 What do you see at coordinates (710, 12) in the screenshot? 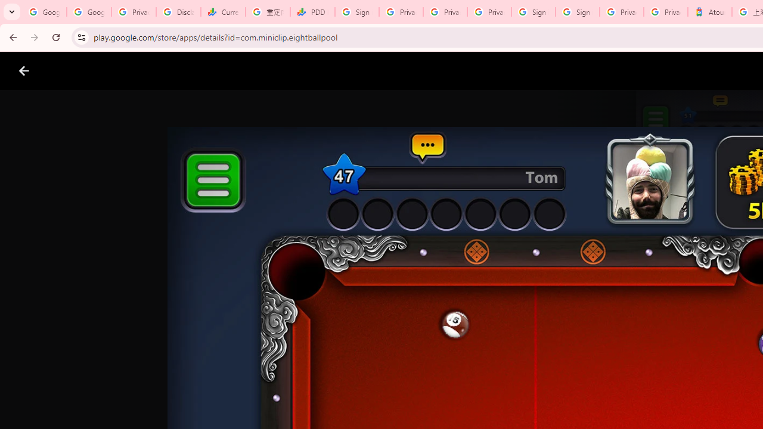
I see `'Atour Hotel - Google hotels'` at bounding box center [710, 12].